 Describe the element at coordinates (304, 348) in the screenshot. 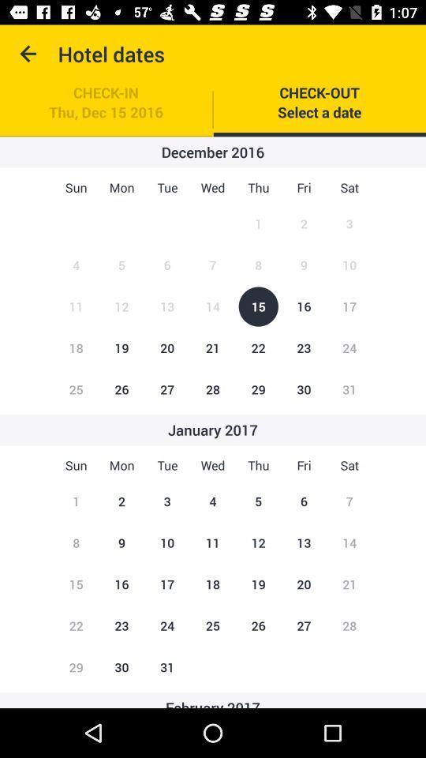

I see `number 23 in december 2016` at that location.